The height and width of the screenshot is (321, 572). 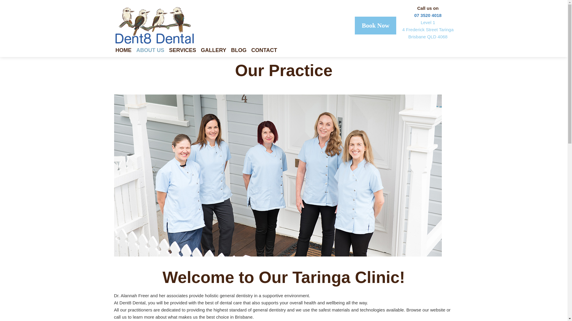 What do you see at coordinates (414, 15) in the screenshot?
I see `'07 3520 4018'` at bounding box center [414, 15].